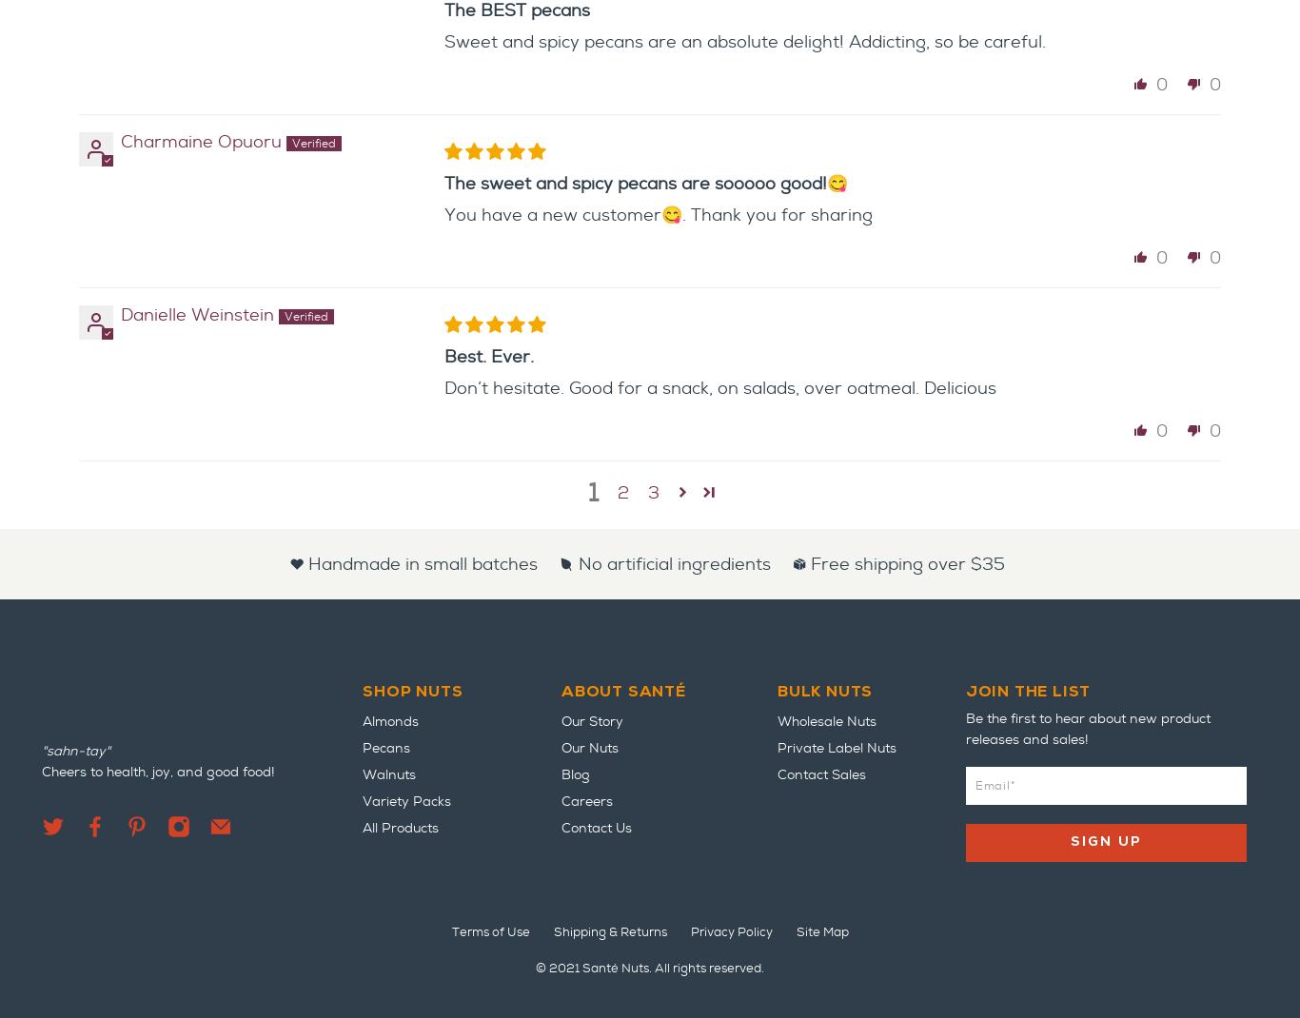 The height and width of the screenshot is (1018, 1300). What do you see at coordinates (659, 213) in the screenshot?
I see `'You have a new customer😋. Thank you for sharing'` at bounding box center [659, 213].